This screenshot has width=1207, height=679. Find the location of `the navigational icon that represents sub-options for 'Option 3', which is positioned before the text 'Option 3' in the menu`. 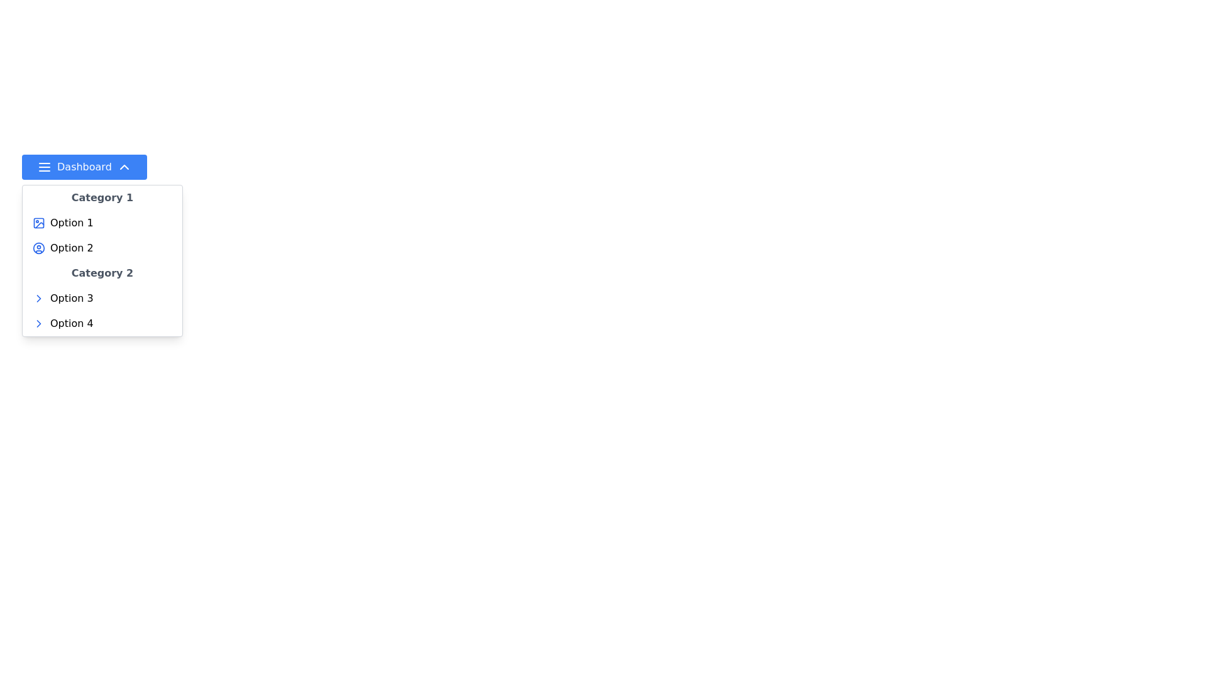

the navigational icon that represents sub-options for 'Option 3', which is positioned before the text 'Option 3' in the menu is located at coordinates (39, 298).